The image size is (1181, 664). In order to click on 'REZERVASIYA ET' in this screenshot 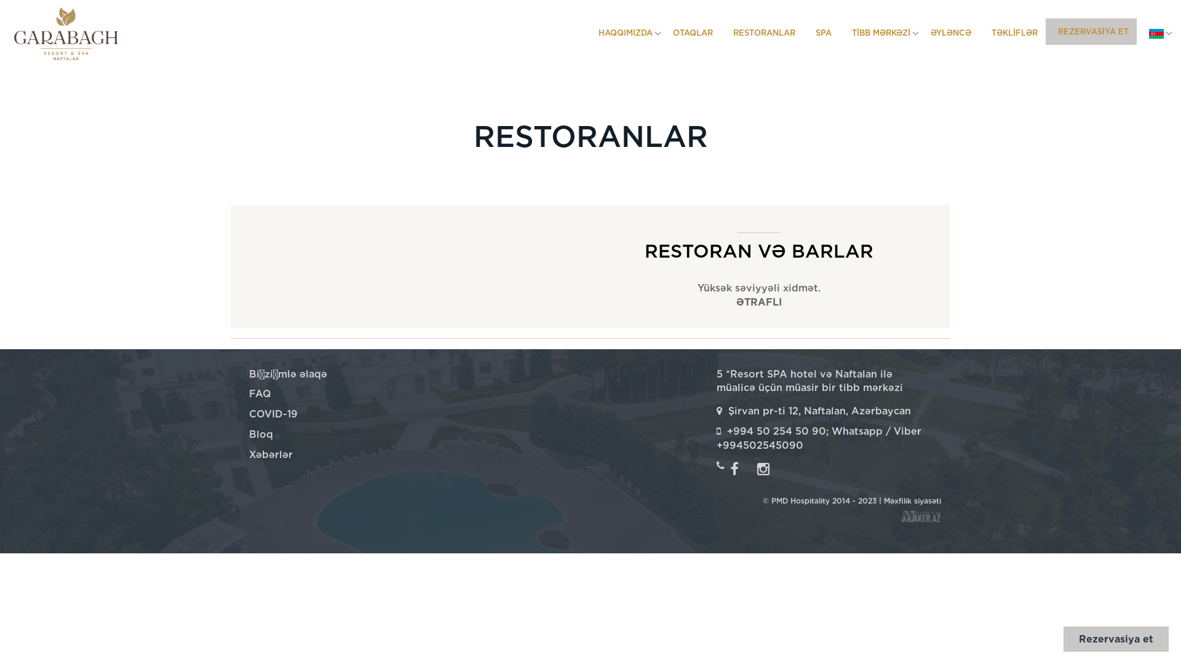, I will do `click(1091, 31)`.